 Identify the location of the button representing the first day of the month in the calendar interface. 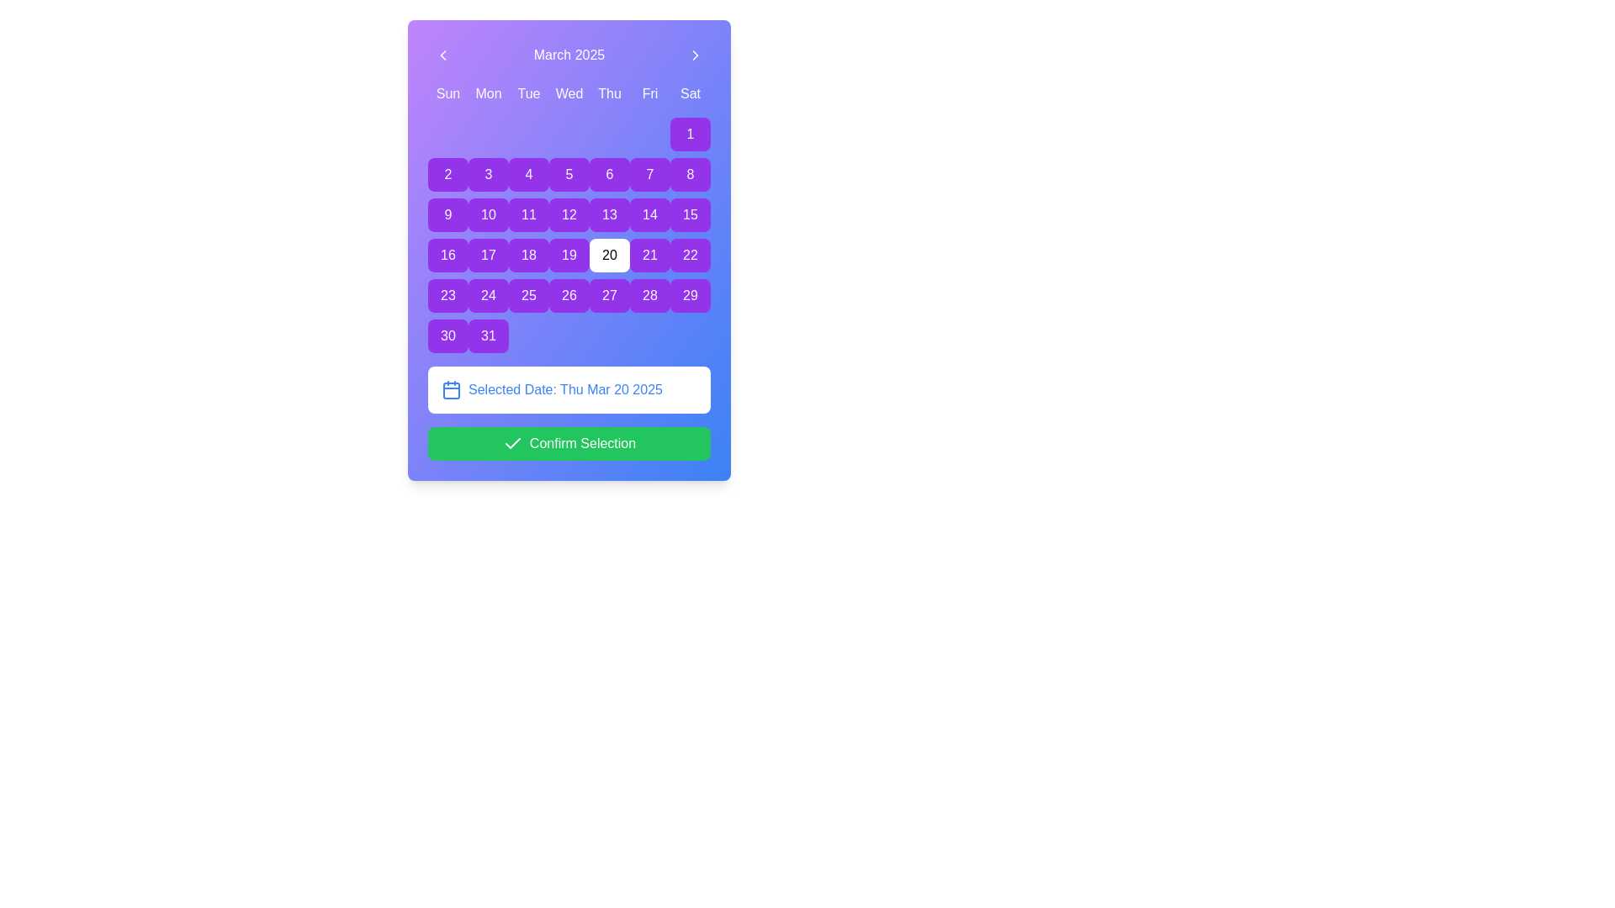
(690, 133).